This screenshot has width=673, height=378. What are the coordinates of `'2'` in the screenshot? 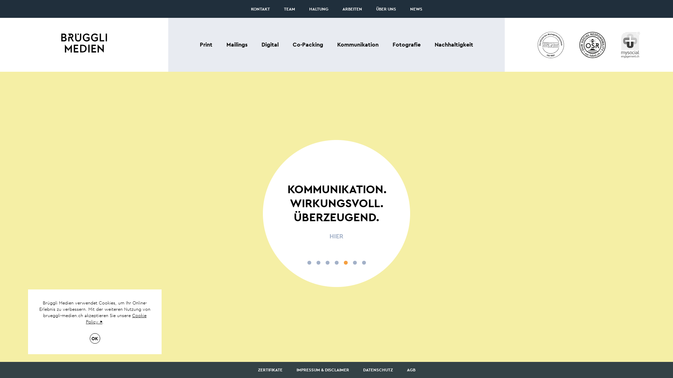 It's located at (318, 262).